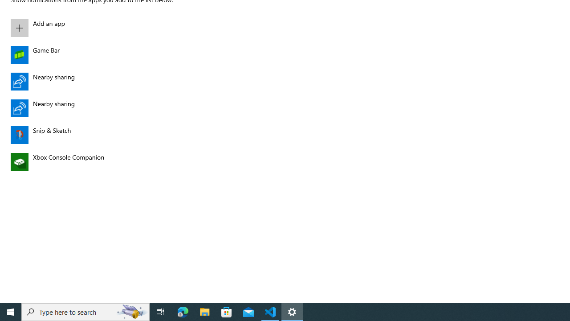 This screenshot has height=321, width=570. What do you see at coordinates (85, 311) in the screenshot?
I see `'Type here to search'` at bounding box center [85, 311].